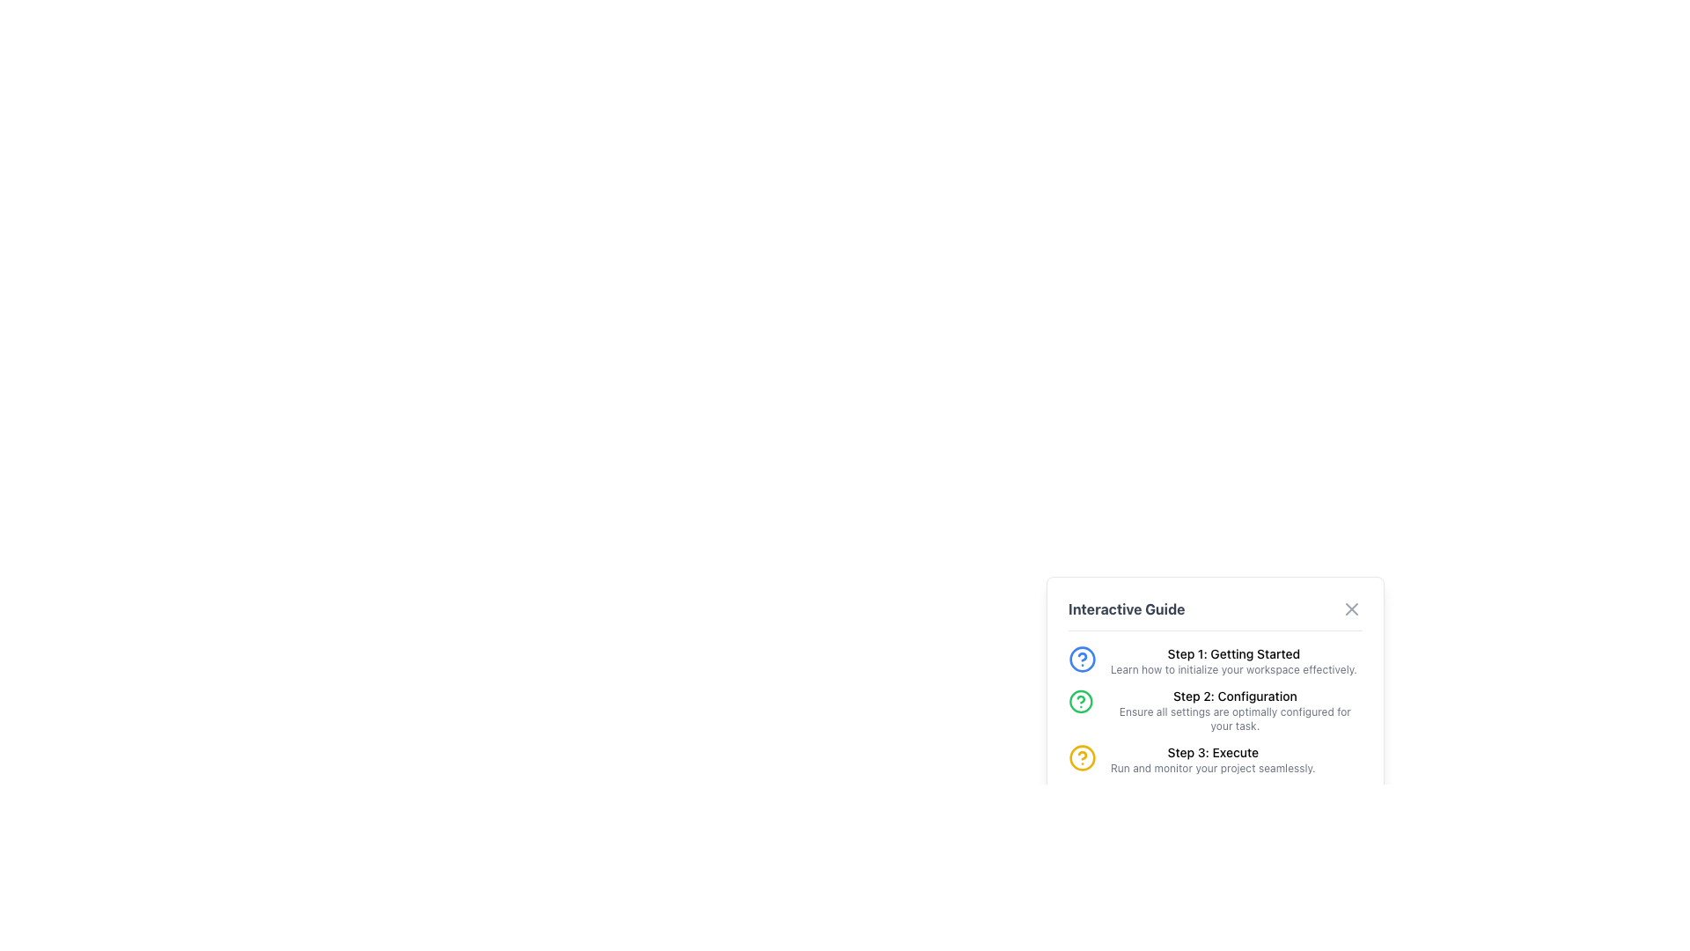 The image size is (1690, 951). Describe the element at coordinates (1081, 659) in the screenshot. I see `the circle icon within the SVG group that represents the 'Getting Started' step in the guide, which is adjacent to the 'Step 1: Getting Started' text` at that location.